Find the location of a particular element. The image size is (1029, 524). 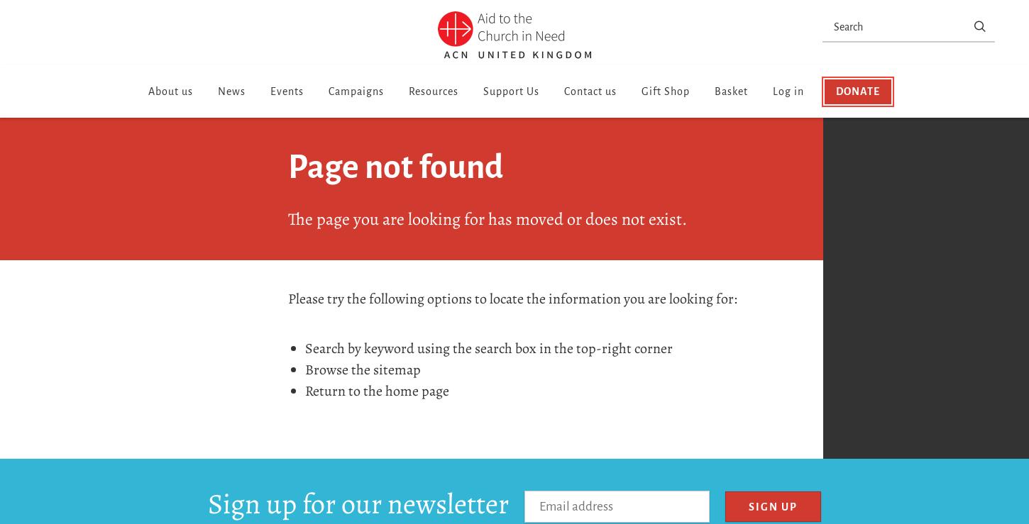

'Page not found' is located at coordinates (395, 167).